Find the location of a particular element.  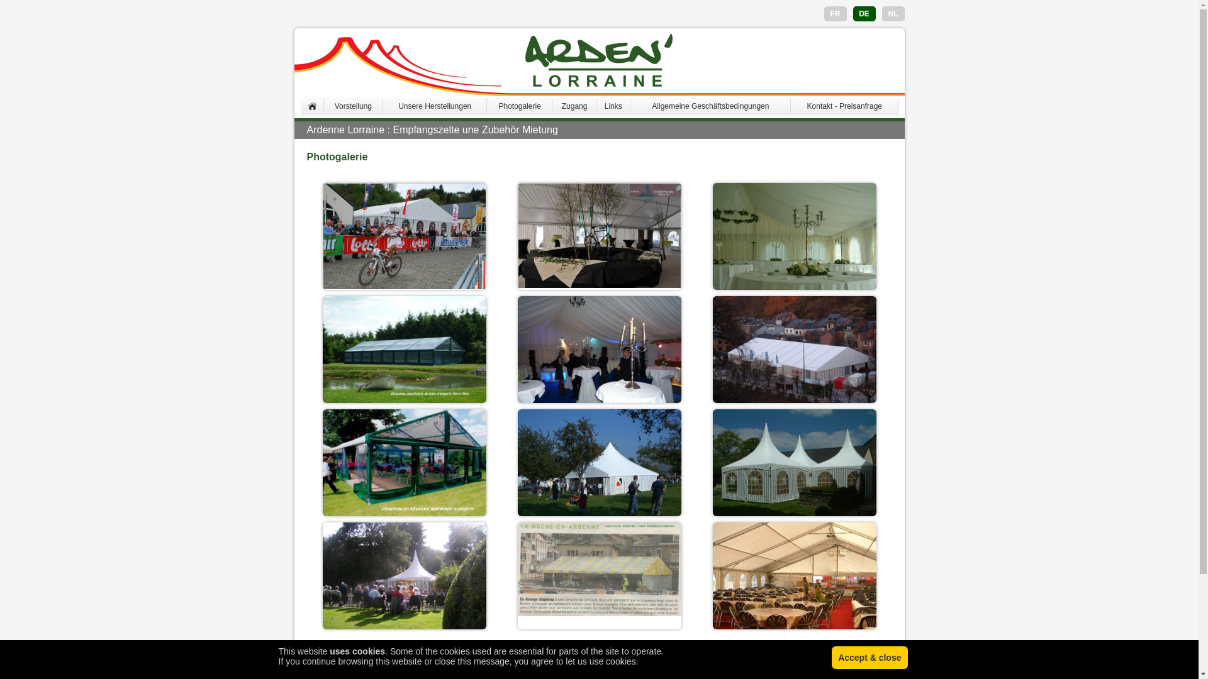

'uses cookies' is located at coordinates (329, 651).